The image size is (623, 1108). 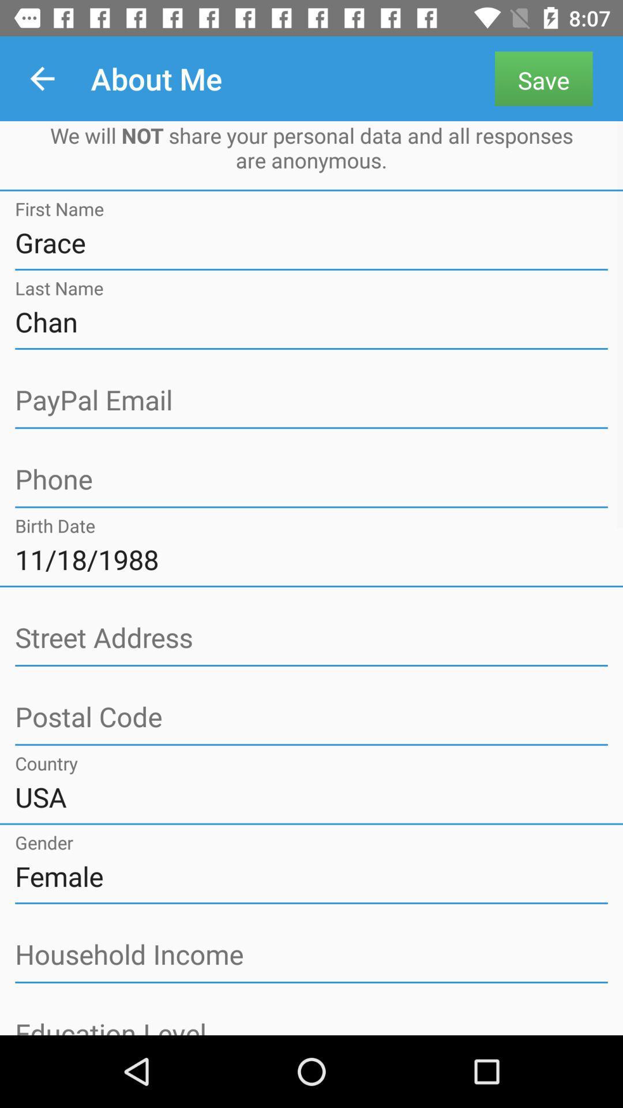 What do you see at coordinates (311, 638) in the screenshot?
I see `information area` at bounding box center [311, 638].